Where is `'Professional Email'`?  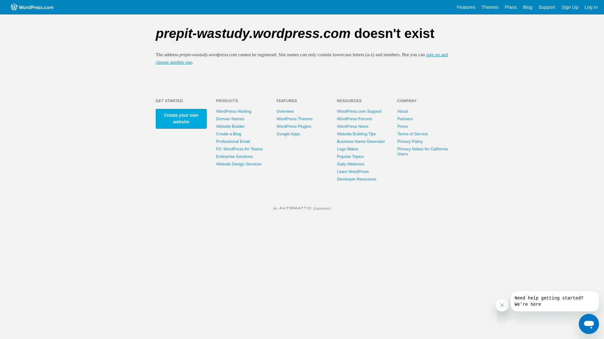
'Professional Email' is located at coordinates (232, 141).